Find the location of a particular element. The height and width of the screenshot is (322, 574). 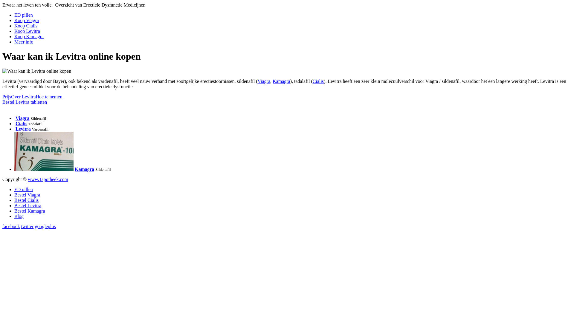

'Koop Levitra' is located at coordinates (14, 31).